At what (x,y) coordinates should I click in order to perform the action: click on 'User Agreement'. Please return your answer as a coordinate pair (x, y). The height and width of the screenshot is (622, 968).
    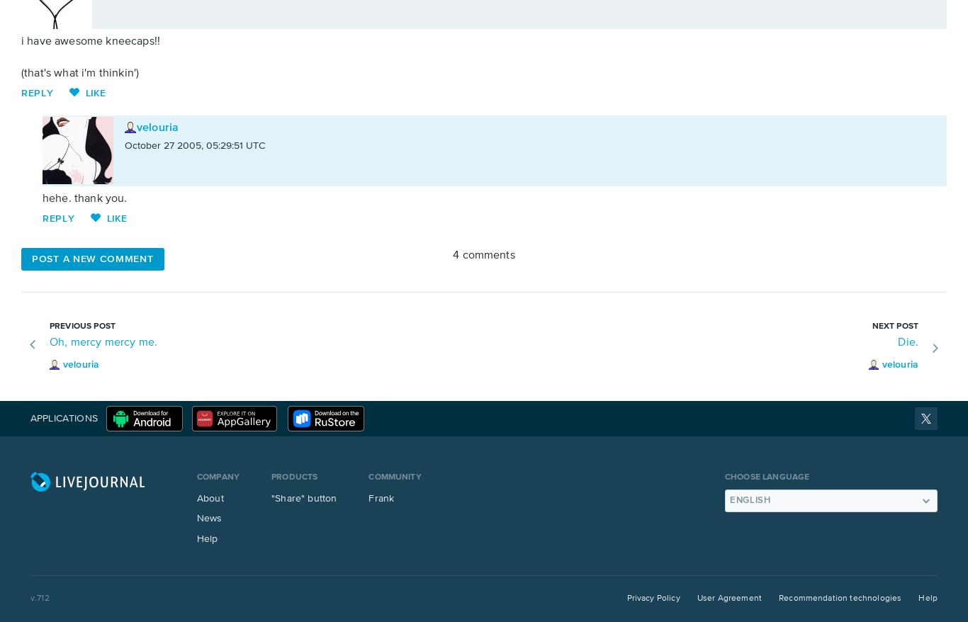
    Looking at the image, I should click on (728, 598).